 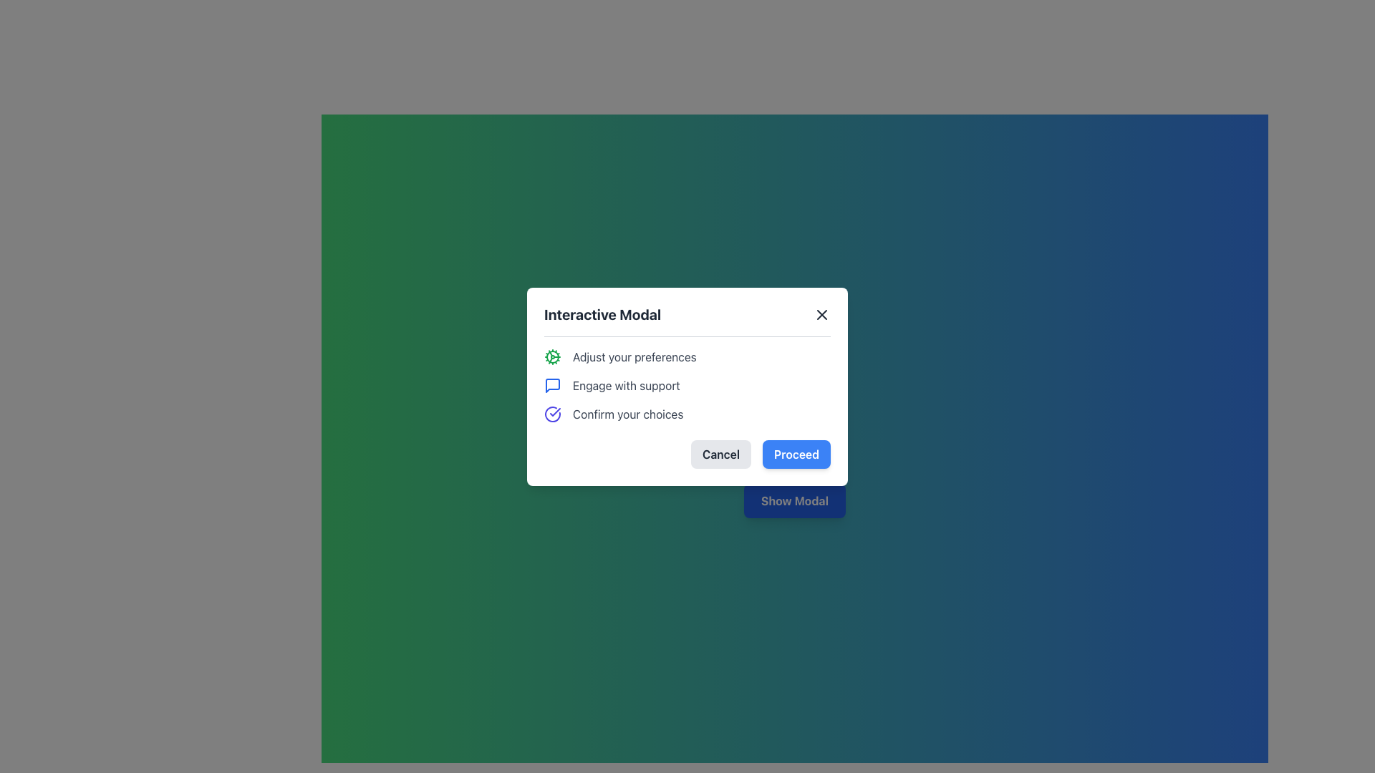 What do you see at coordinates (793, 500) in the screenshot?
I see `the distinct rectangular button with rounded edges that has a deep blue background and white text reading 'Show Modal'` at bounding box center [793, 500].